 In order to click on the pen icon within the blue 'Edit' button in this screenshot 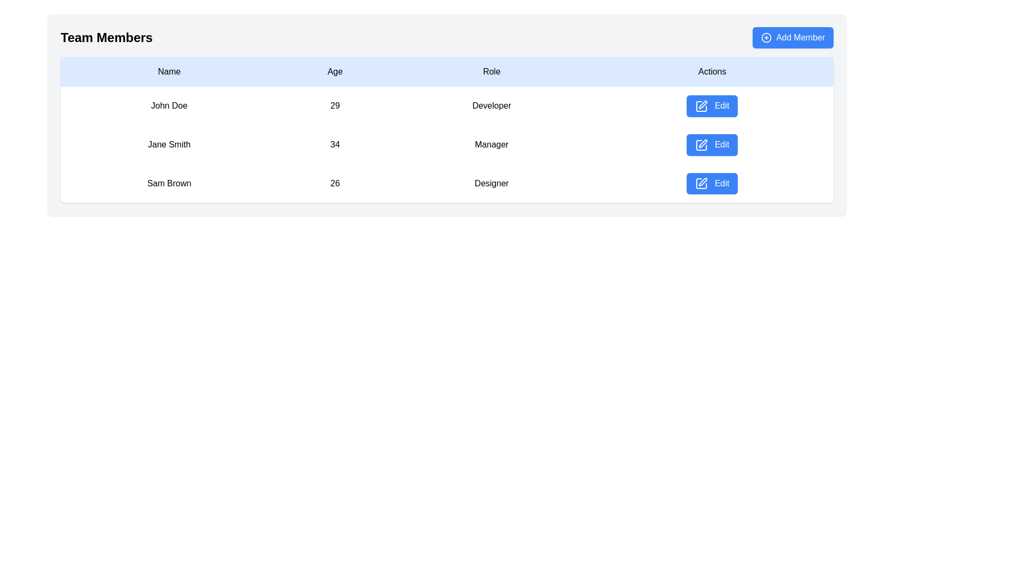, I will do `click(702, 183)`.